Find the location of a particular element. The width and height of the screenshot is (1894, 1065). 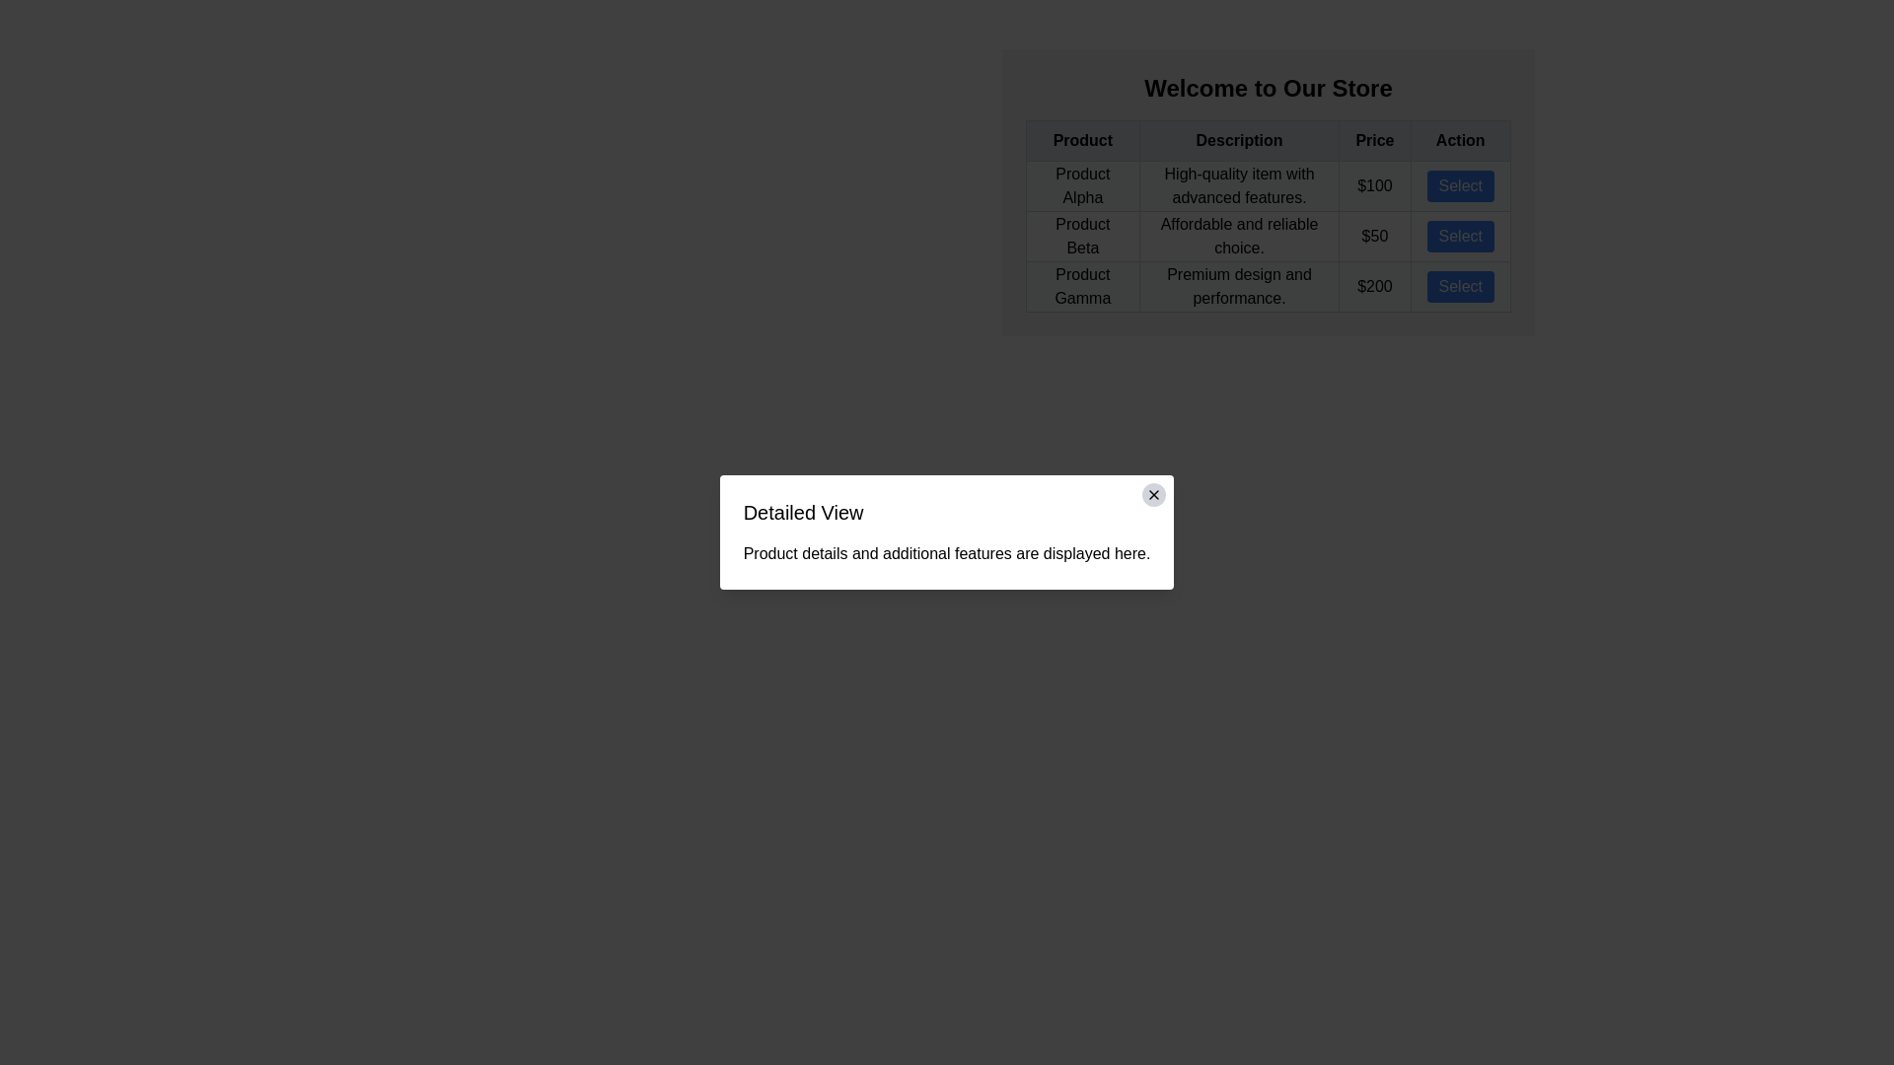

the 'Price' column header cell in the table, which is the third element in a row of four, situated under 'Welcome to Our Store' is located at coordinates (1373, 139).